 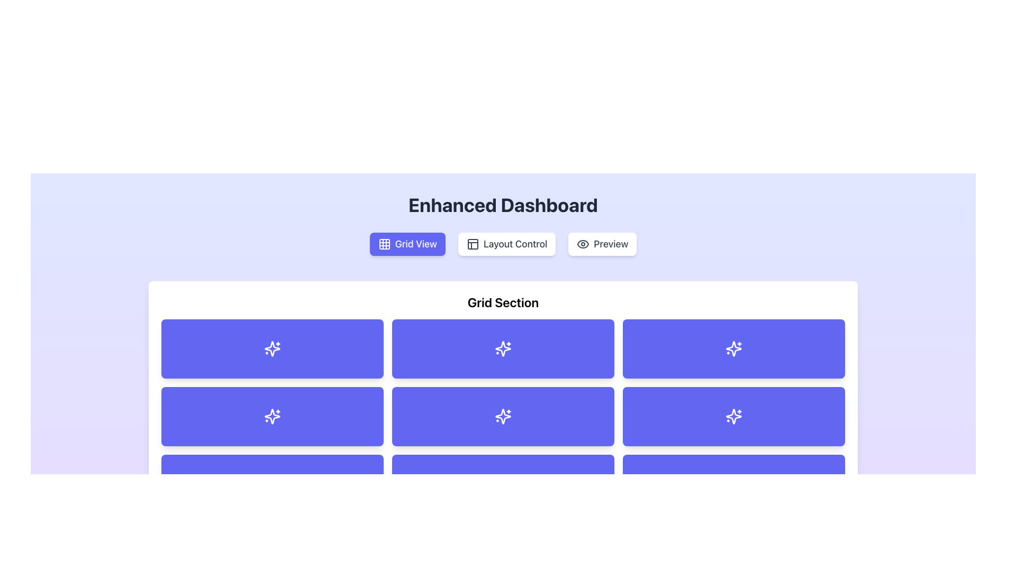 What do you see at coordinates (733, 348) in the screenshot?
I see `the decorative icon located in the second row and second column of the grid layout, which is centered within a purple rectangular block` at bounding box center [733, 348].